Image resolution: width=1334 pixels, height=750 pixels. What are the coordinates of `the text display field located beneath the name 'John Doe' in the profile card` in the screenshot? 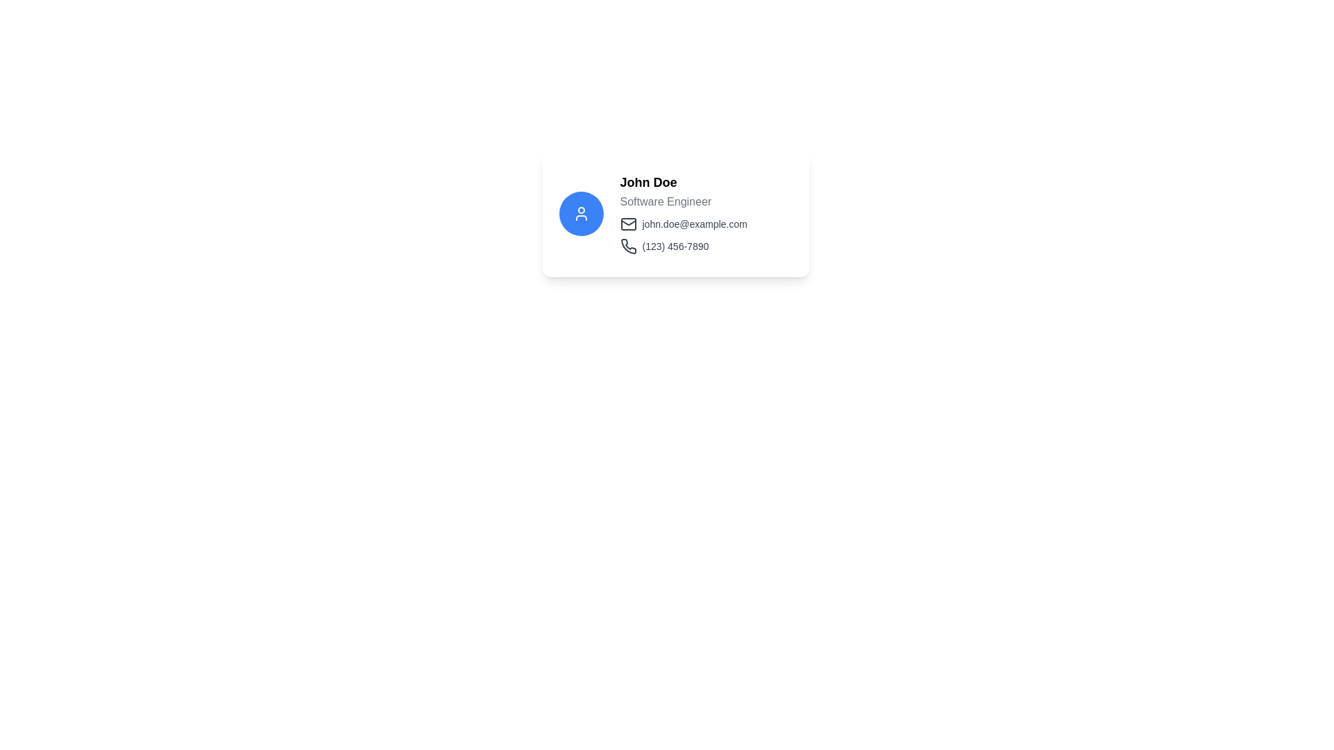 It's located at (683, 201).